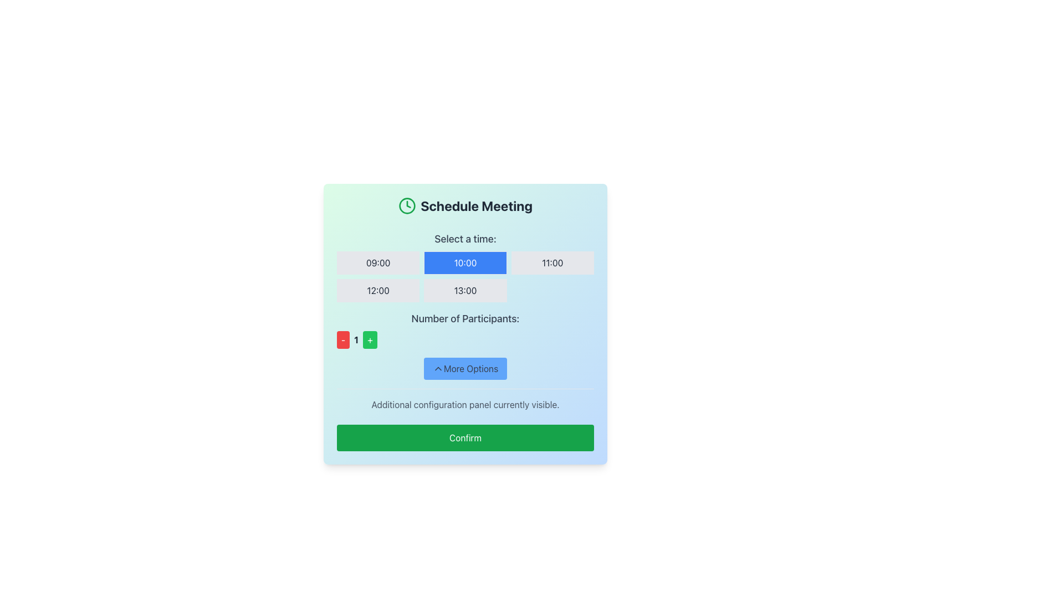 This screenshot has height=598, width=1064. Describe the element at coordinates (553, 262) in the screenshot. I see `the interactive button for selecting the time '11:00'` at that location.